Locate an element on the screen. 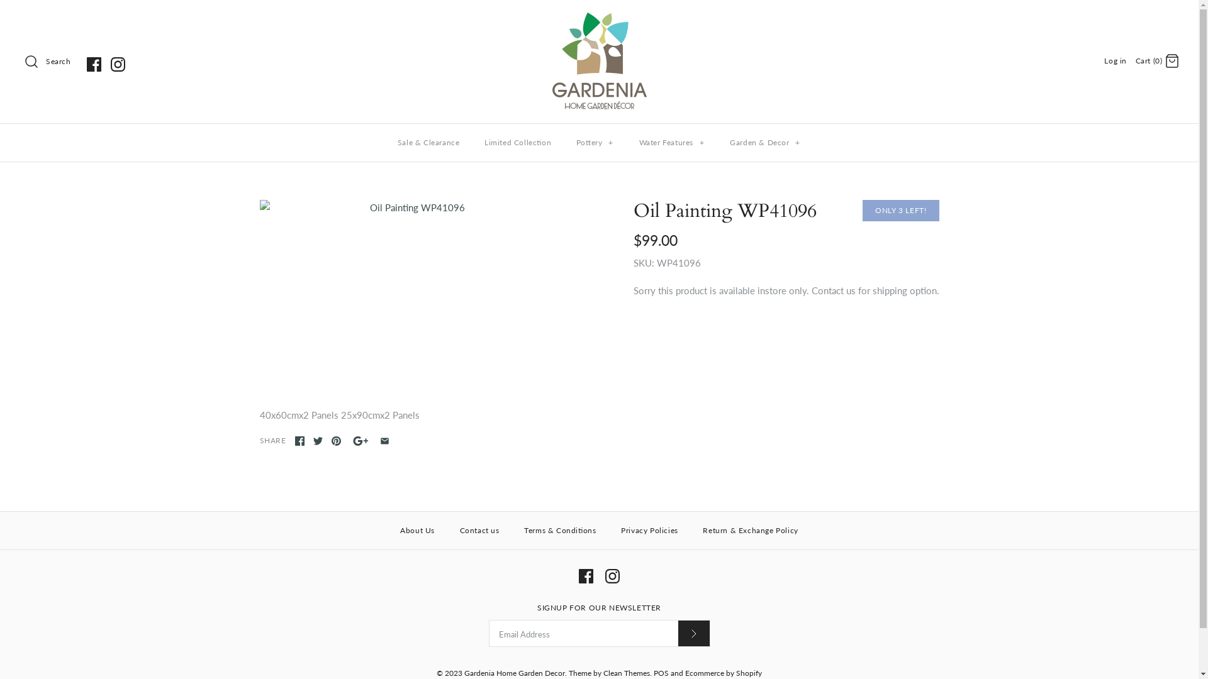 The width and height of the screenshot is (1208, 679). 'Return & Exchange Policy' is located at coordinates (691, 531).